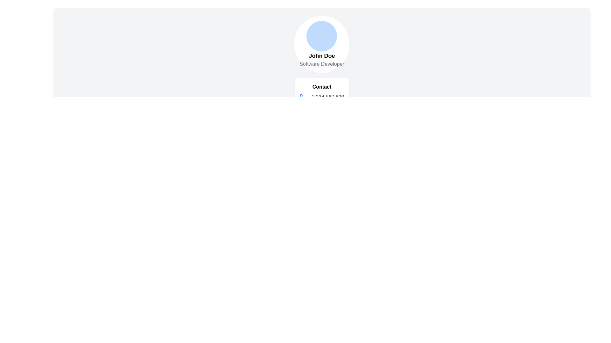 This screenshot has height=343, width=611. I want to click on the telephone icon located at the center of the page, below the 'Contact' heading, and aligned with the contact information area, so click(302, 97).